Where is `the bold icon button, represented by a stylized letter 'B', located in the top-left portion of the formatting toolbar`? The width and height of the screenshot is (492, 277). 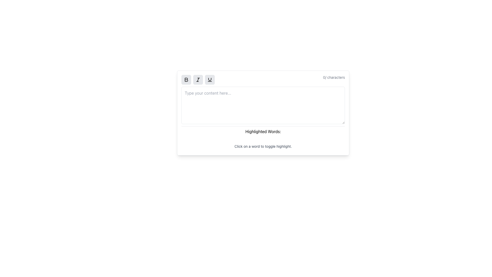
the bold icon button, represented by a stylized letter 'B', located in the top-left portion of the formatting toolbar is located at coordinates (186, 80).